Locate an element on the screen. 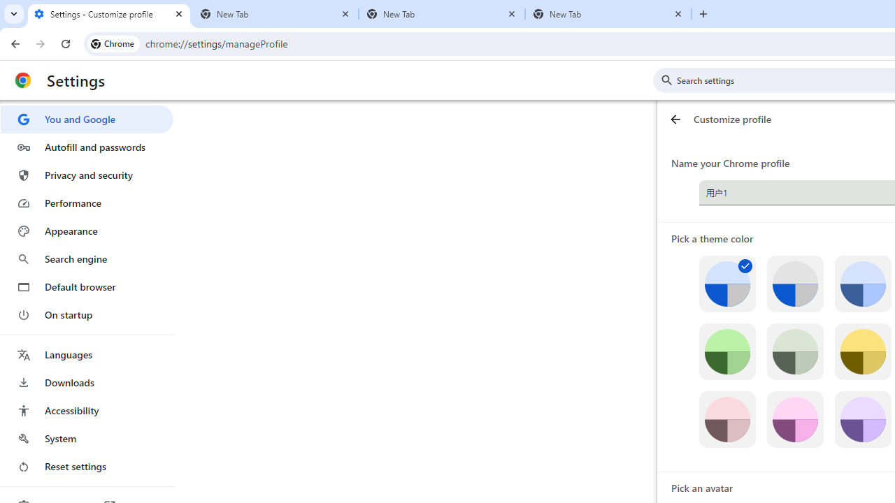 The image size is (895, 503). 'Search engine' is located at coordinates (86, 259).